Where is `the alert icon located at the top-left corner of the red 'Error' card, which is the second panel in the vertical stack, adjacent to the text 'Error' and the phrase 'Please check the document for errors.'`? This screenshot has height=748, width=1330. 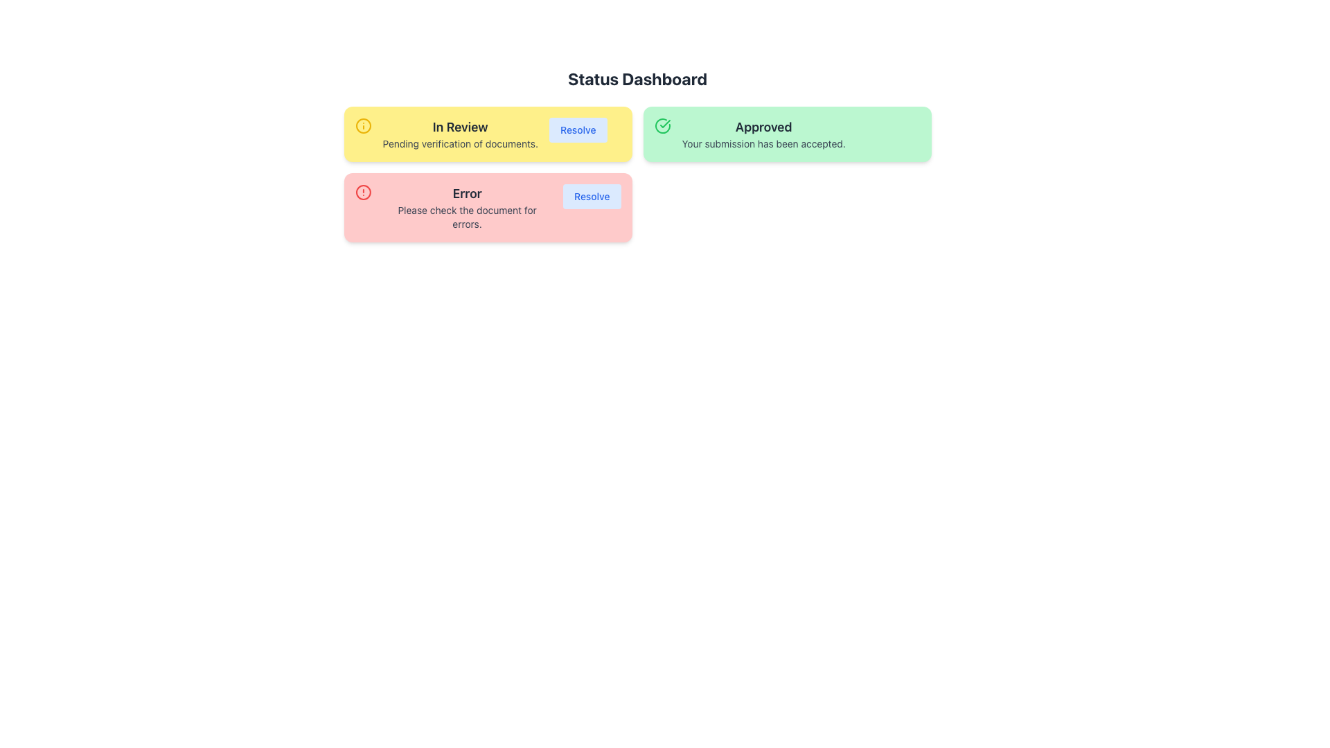 the alert icon located at the top-left corner of the red 'Error' card, which is the second panel in the vertical stack, adjacent to the text 'Error' and the phrase 'Please check the document for errors.' is located at coordinates (363, 192).